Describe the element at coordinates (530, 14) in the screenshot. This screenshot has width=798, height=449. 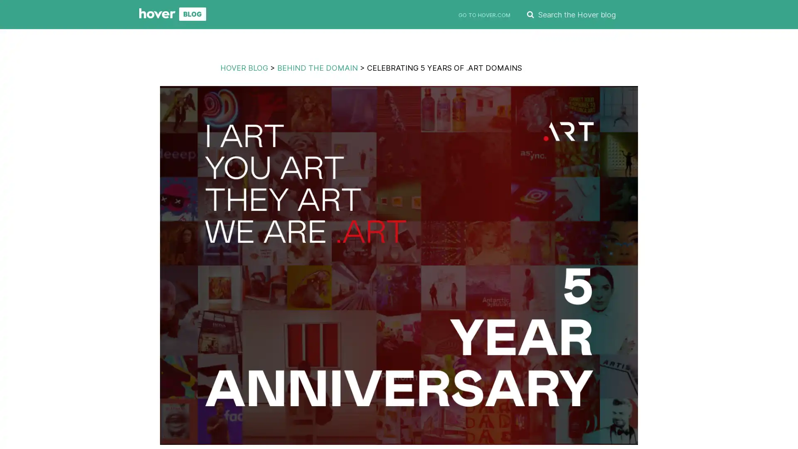
I see `SEARCH` at that location.